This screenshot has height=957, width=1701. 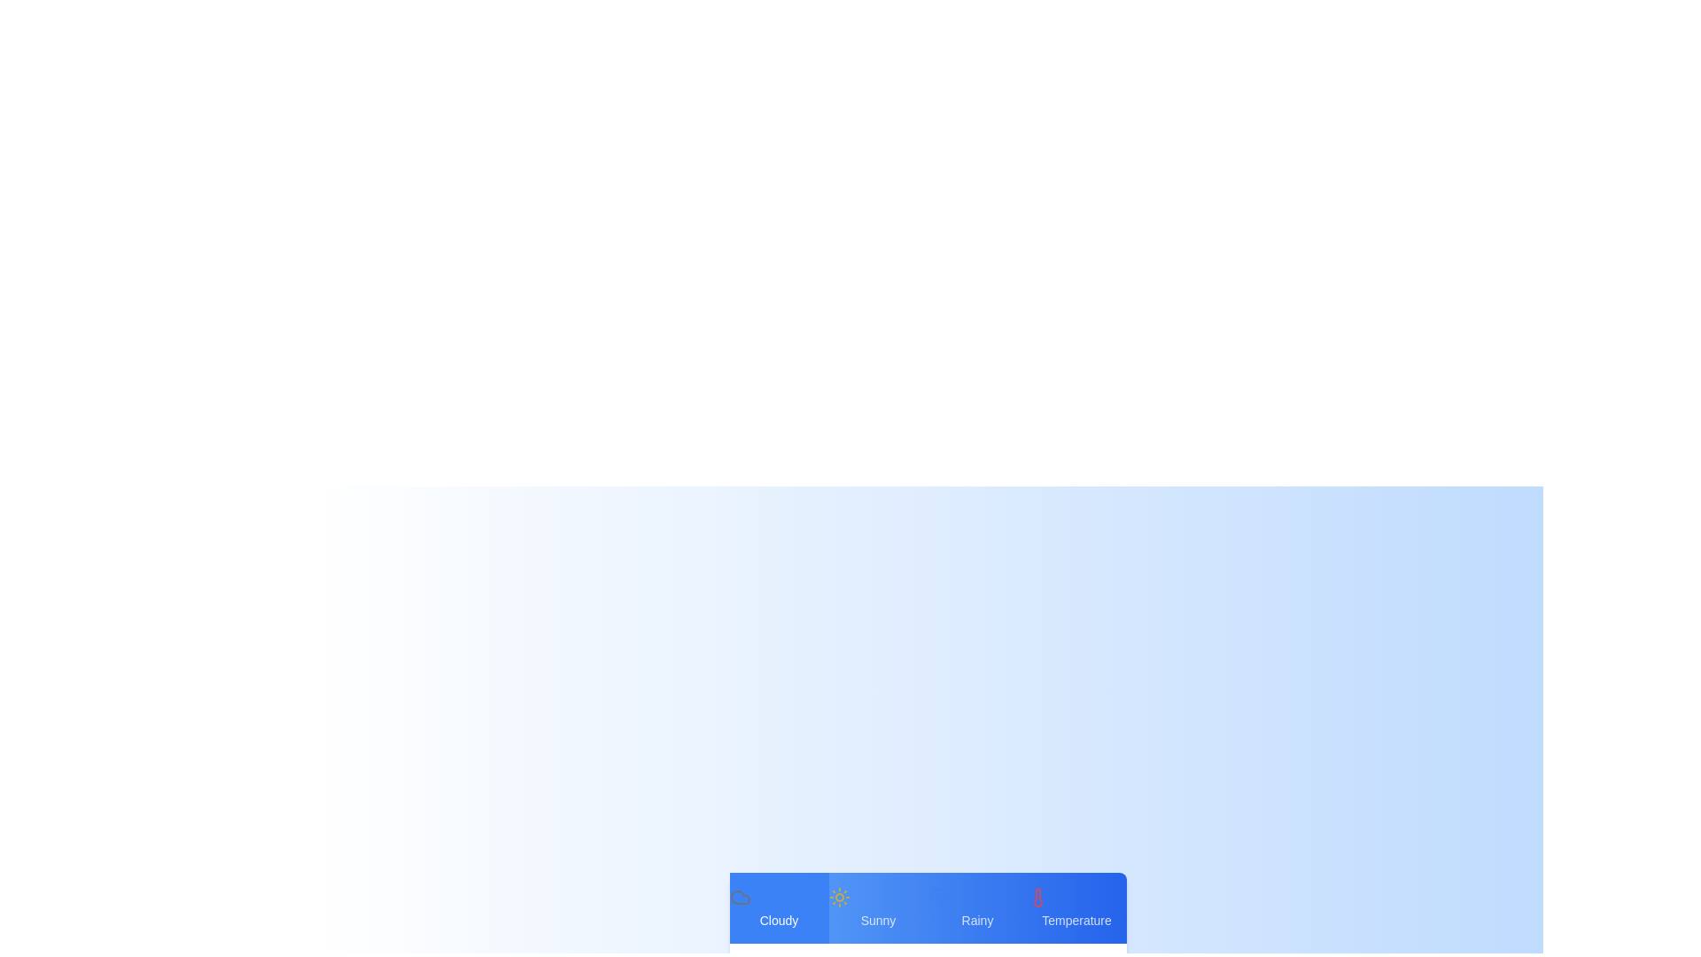 I want to click on the Temperature weather tab, so click(x=1076, y=908).